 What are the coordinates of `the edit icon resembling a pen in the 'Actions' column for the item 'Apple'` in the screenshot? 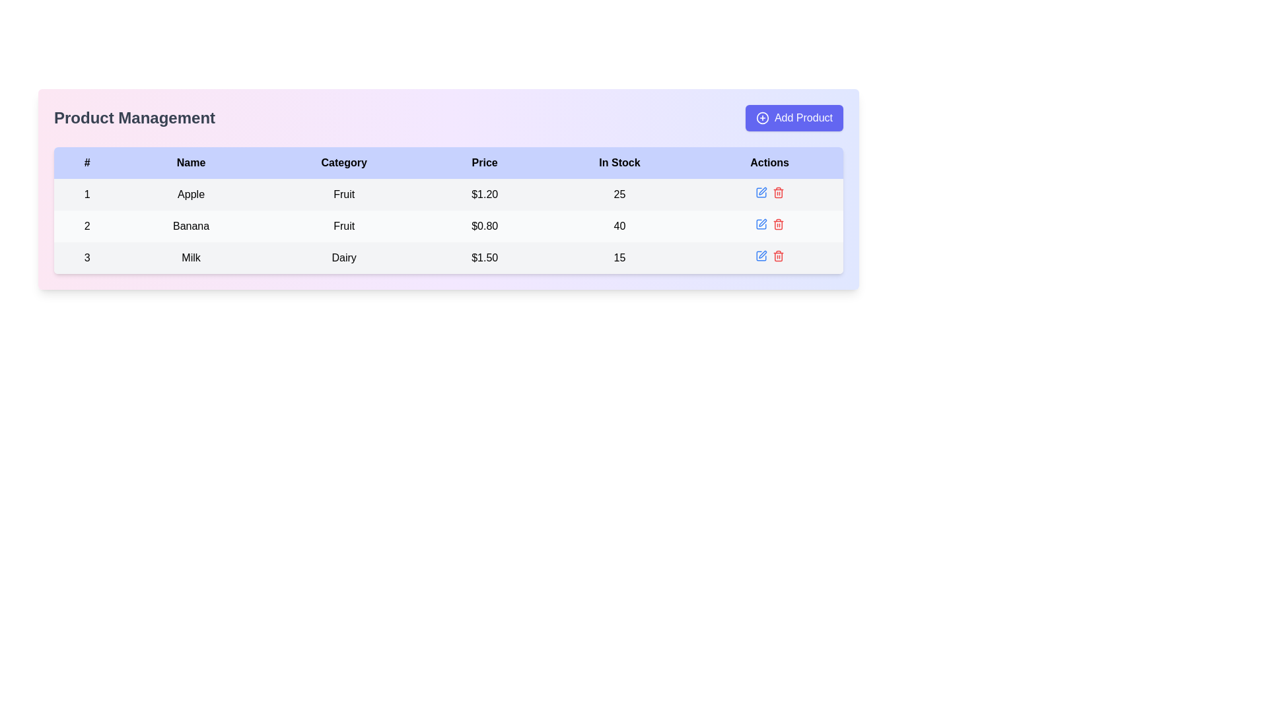 It's located at (762, 191).